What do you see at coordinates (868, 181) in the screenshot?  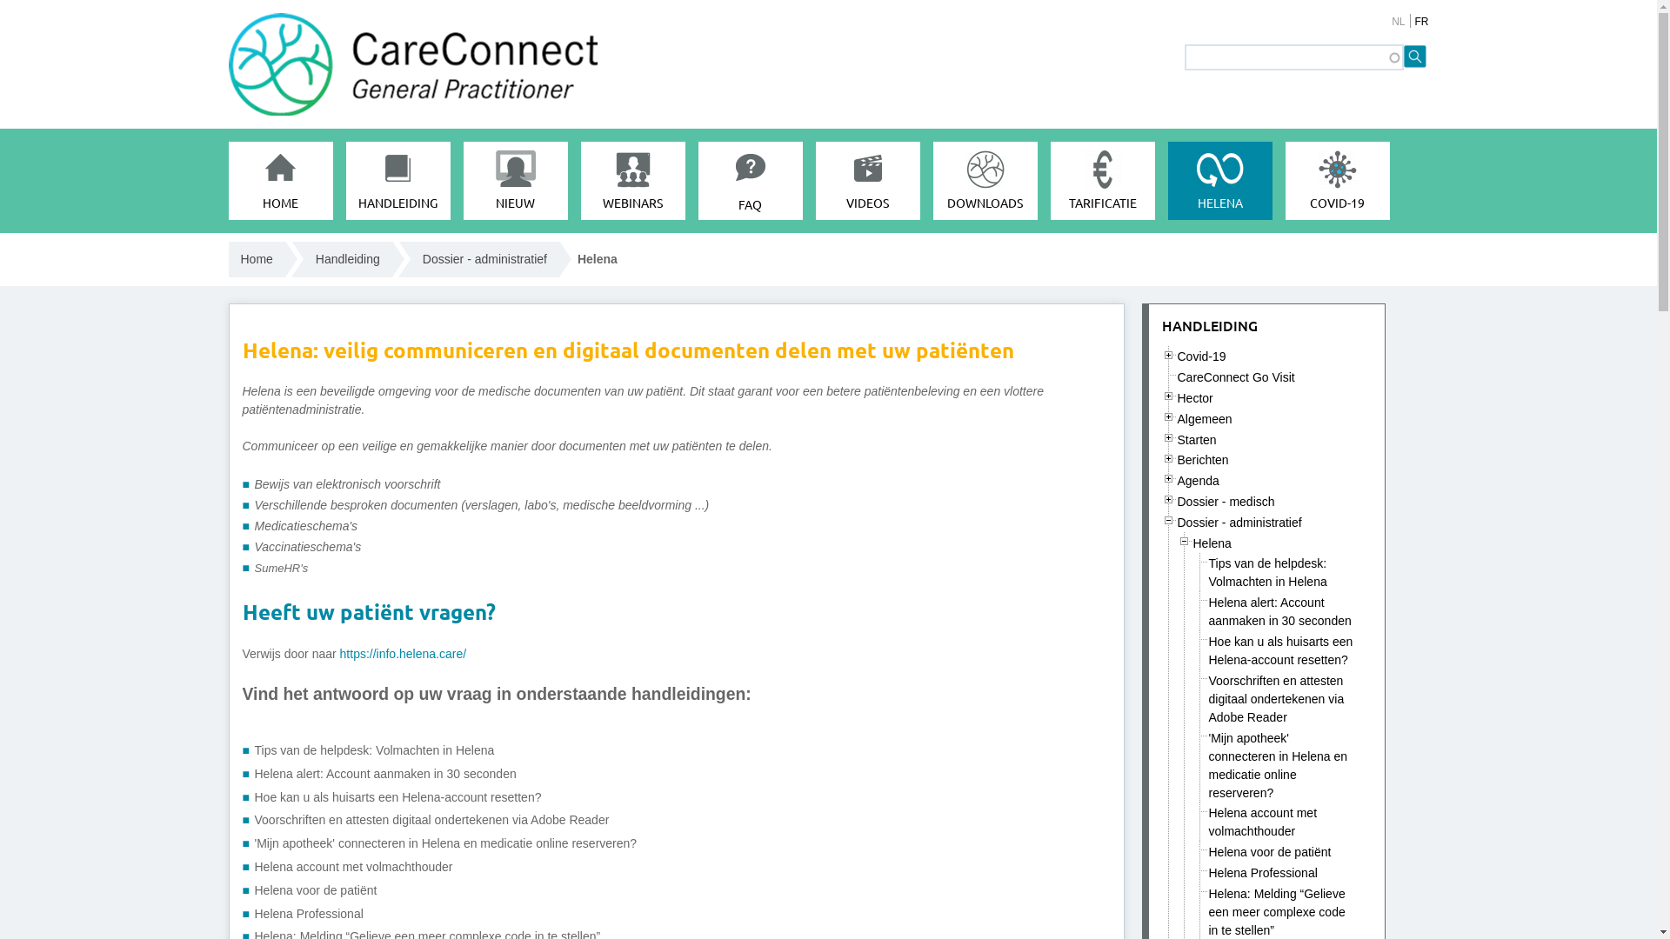 I see `'VIDEOS'` at bounding box center [868, 181].